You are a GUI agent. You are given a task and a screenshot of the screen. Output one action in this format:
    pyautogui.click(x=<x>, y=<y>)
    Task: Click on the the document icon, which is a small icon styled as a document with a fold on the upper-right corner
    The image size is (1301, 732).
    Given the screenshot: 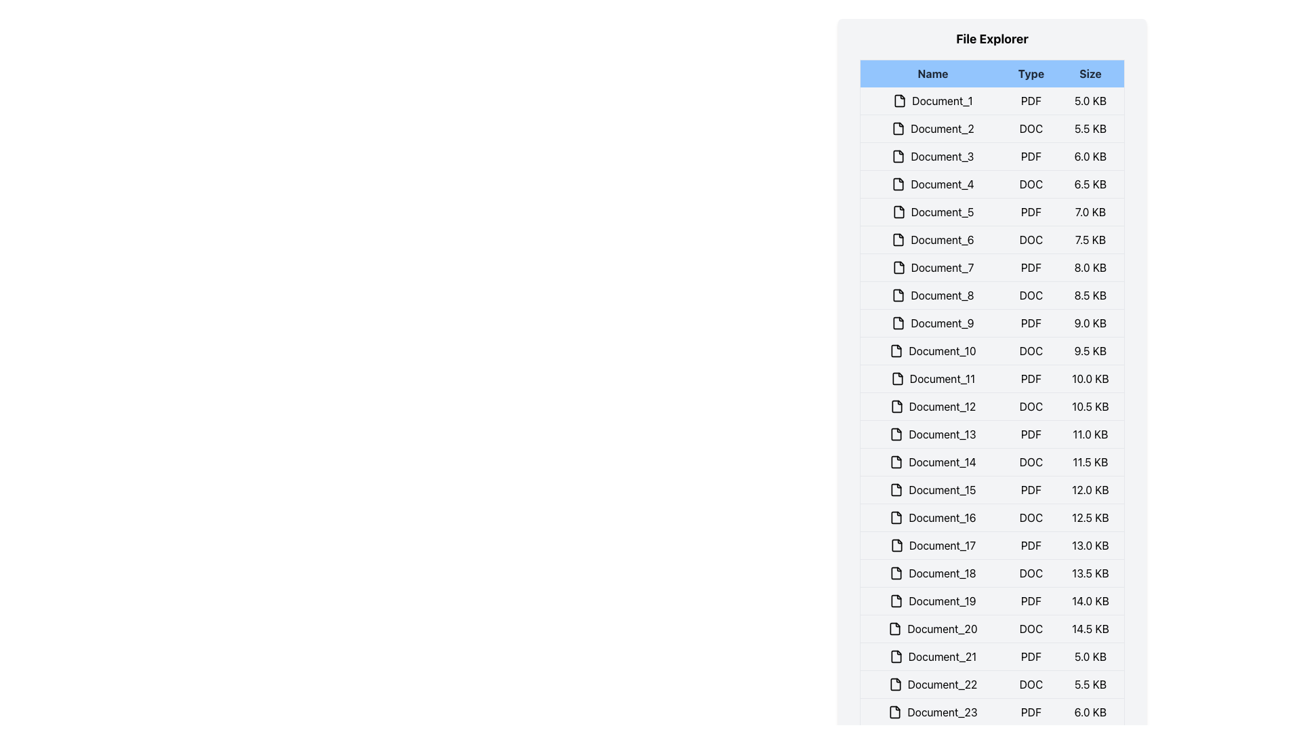 What is the action you would take?
    pyautogui.click(x=895, y=629)
    